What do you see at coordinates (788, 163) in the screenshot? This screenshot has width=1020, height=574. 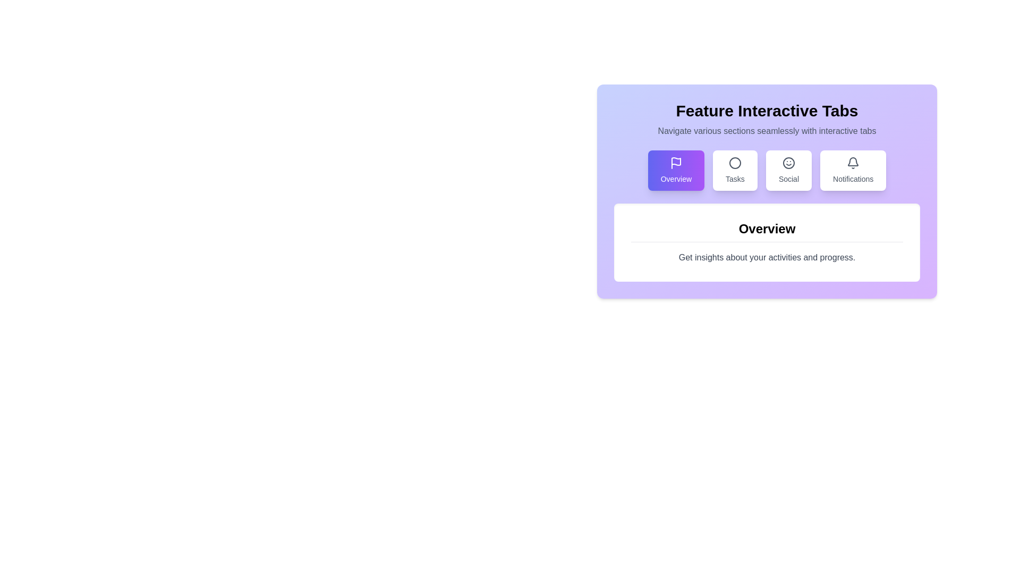 I see `the 'Social' tab icon` at bounding box center [788, 163].